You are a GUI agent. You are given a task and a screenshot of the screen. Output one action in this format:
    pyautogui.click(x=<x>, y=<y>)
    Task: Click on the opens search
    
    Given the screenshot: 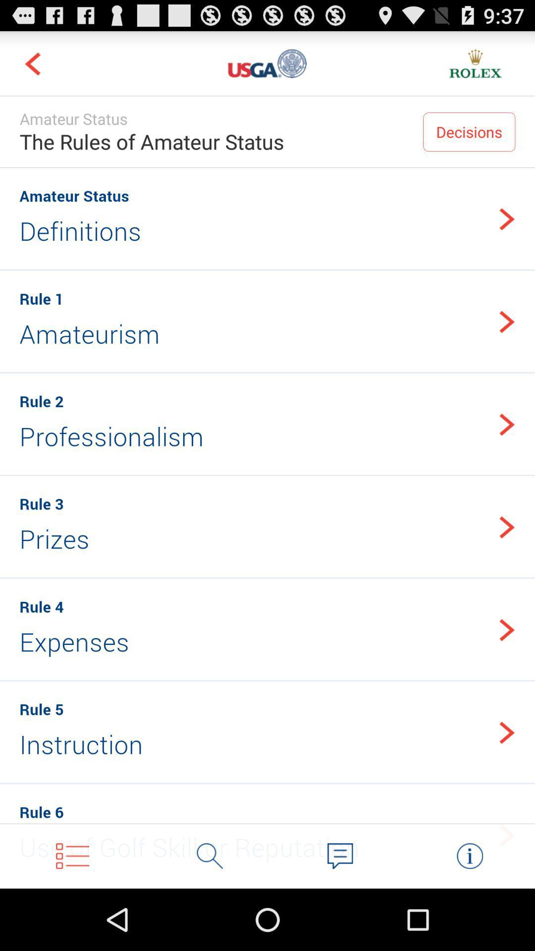 What is the action you would take?
    pyautogui.click(x=210, y=855)
    